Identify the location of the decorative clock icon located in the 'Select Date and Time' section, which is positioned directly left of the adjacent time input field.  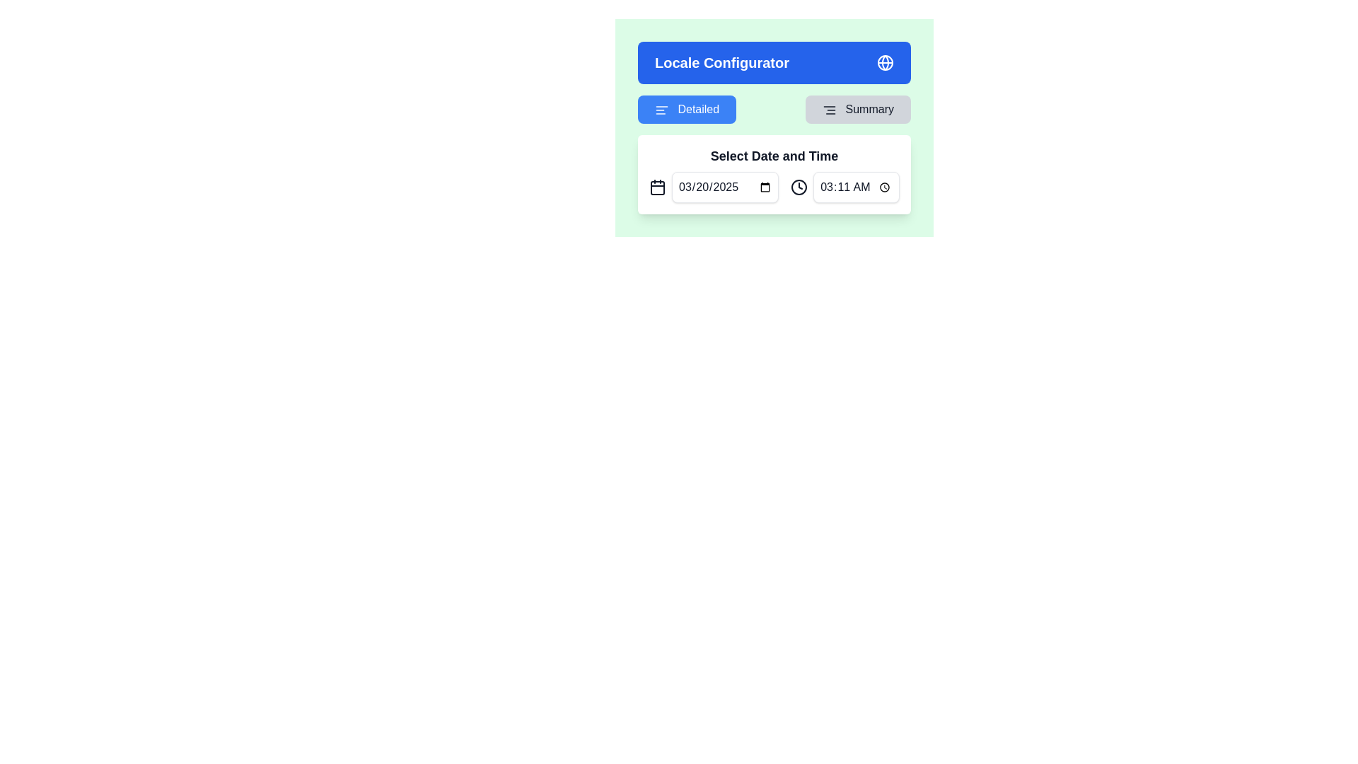
(799, 187).